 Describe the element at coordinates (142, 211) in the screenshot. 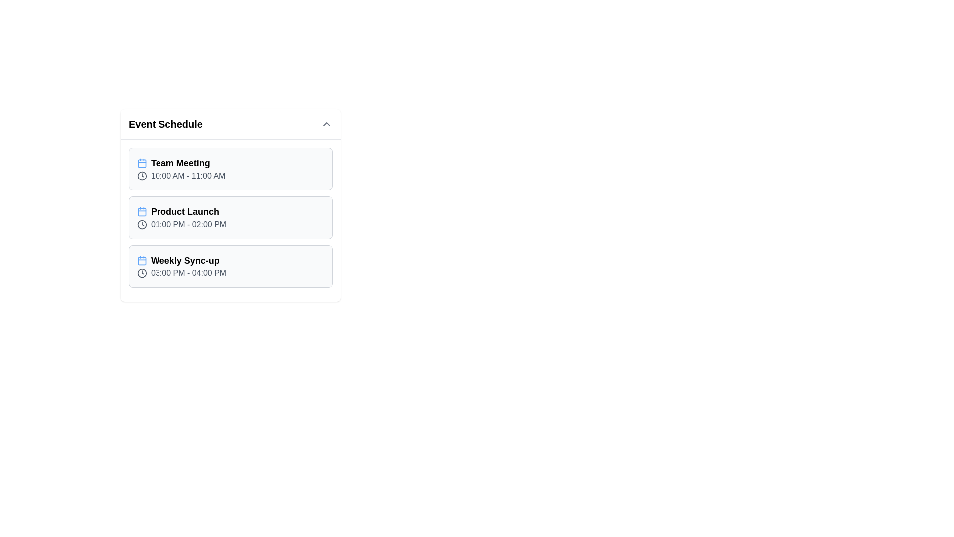

I see `the calendar icon styled with a light blue color, located next to the text 'Product Launch' in the 'Event Schedule' section` at that location.